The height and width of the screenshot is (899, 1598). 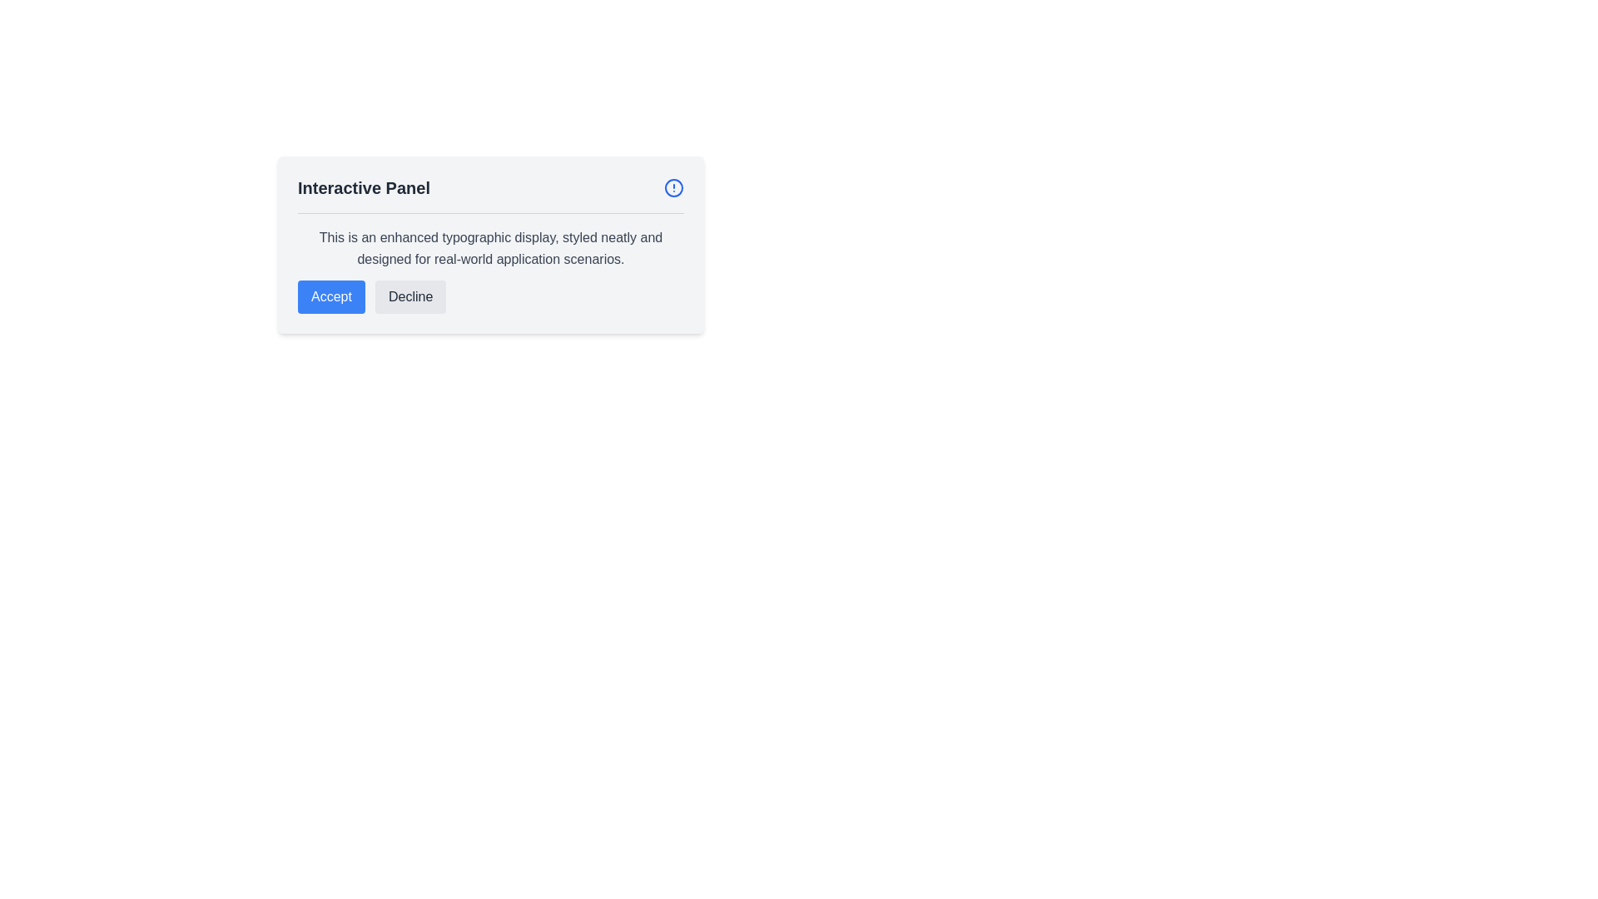 I want to click on descriptive text displayed prominently in the center of the panel, which includes the 'Accept' and 'Decline' buttons, so click(x=490, y=262).